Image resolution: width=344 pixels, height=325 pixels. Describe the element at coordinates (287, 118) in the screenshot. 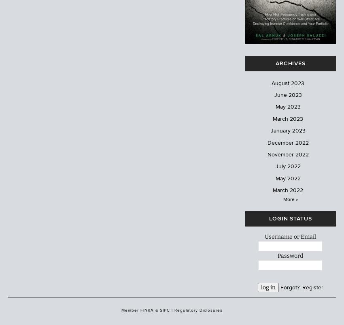

I see `'March 2023'` at that location.